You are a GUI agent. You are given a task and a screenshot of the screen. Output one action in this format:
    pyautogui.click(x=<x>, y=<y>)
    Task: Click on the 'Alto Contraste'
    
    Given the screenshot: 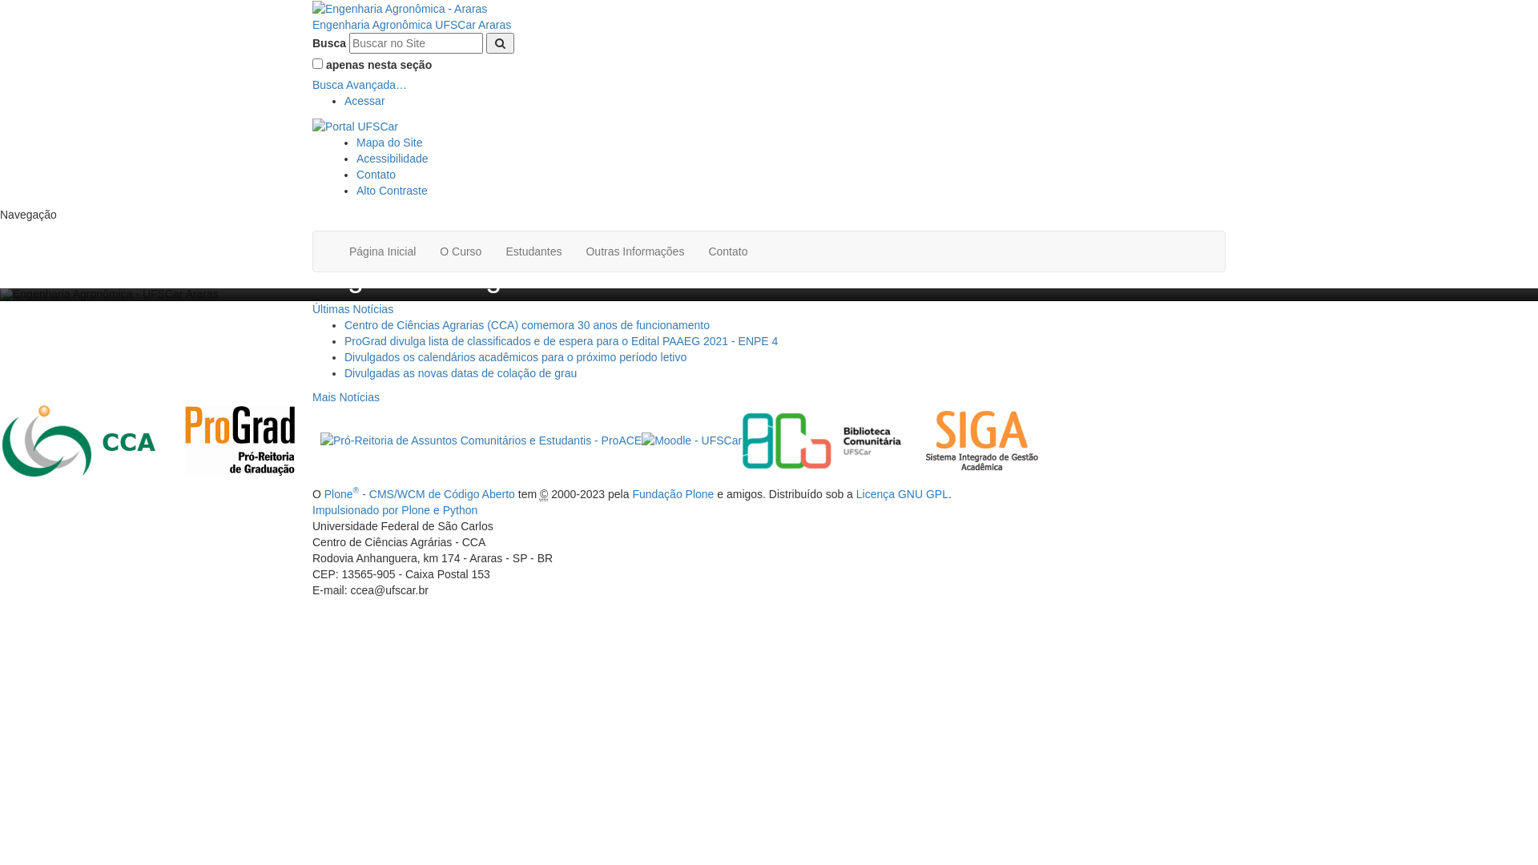 What is the action you would take?
    pyautogui.click(x=392, y=190)
    